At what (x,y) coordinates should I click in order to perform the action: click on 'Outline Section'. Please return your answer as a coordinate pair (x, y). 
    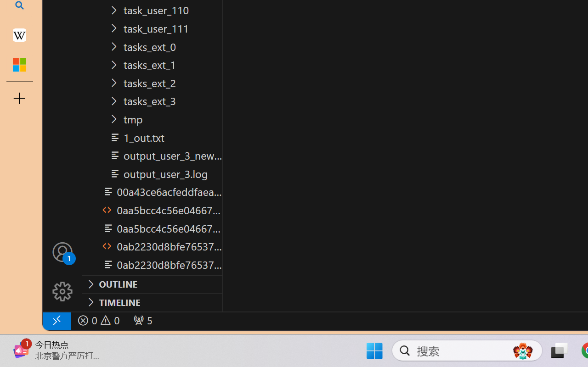
    Looking at the image, I should click on (152, 284).